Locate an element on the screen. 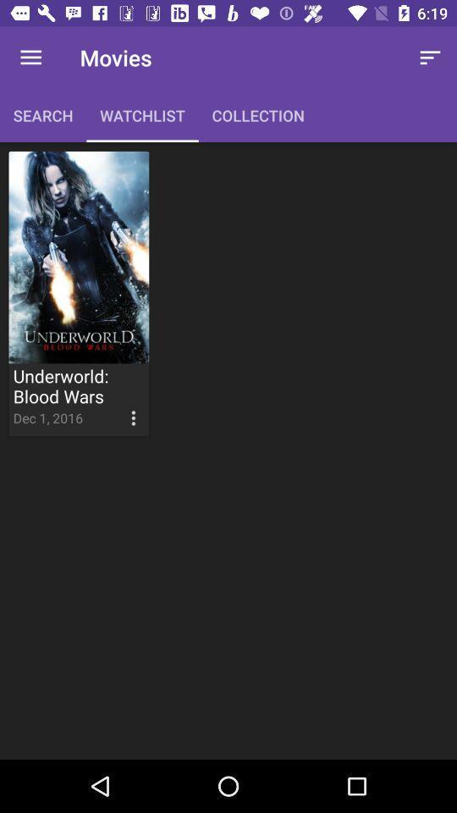  the icon to the right of the dec 1, 2016 is located at coordinates (117, 405).